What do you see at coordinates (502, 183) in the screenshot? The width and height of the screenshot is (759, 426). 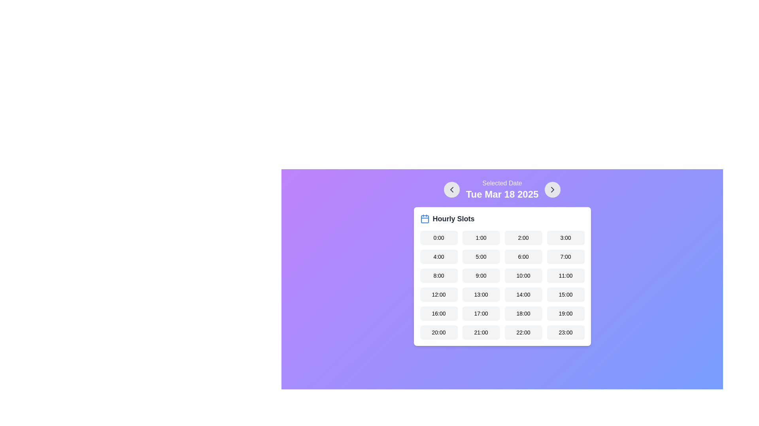 I see `the 'Selected Date' label, which displays the text in medium font size and light gray color against a purple background, located in the upper center of the interface above the date label` at bounding box center [502, 183].